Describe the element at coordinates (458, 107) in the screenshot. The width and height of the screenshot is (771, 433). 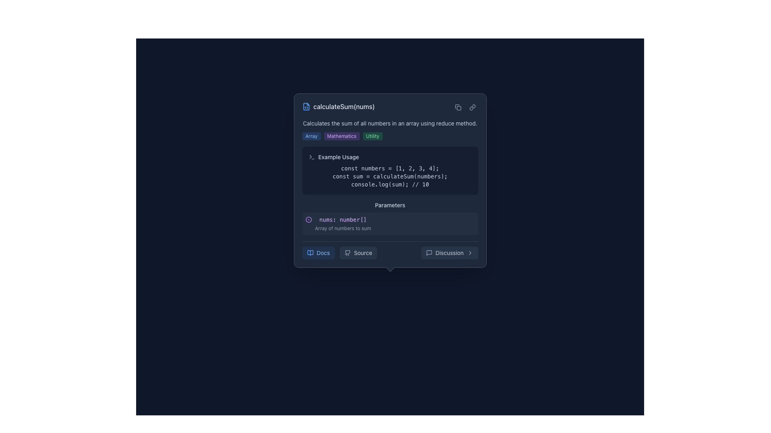
I see `the icon button located in the top-right section of the card-like UI component` at that location.